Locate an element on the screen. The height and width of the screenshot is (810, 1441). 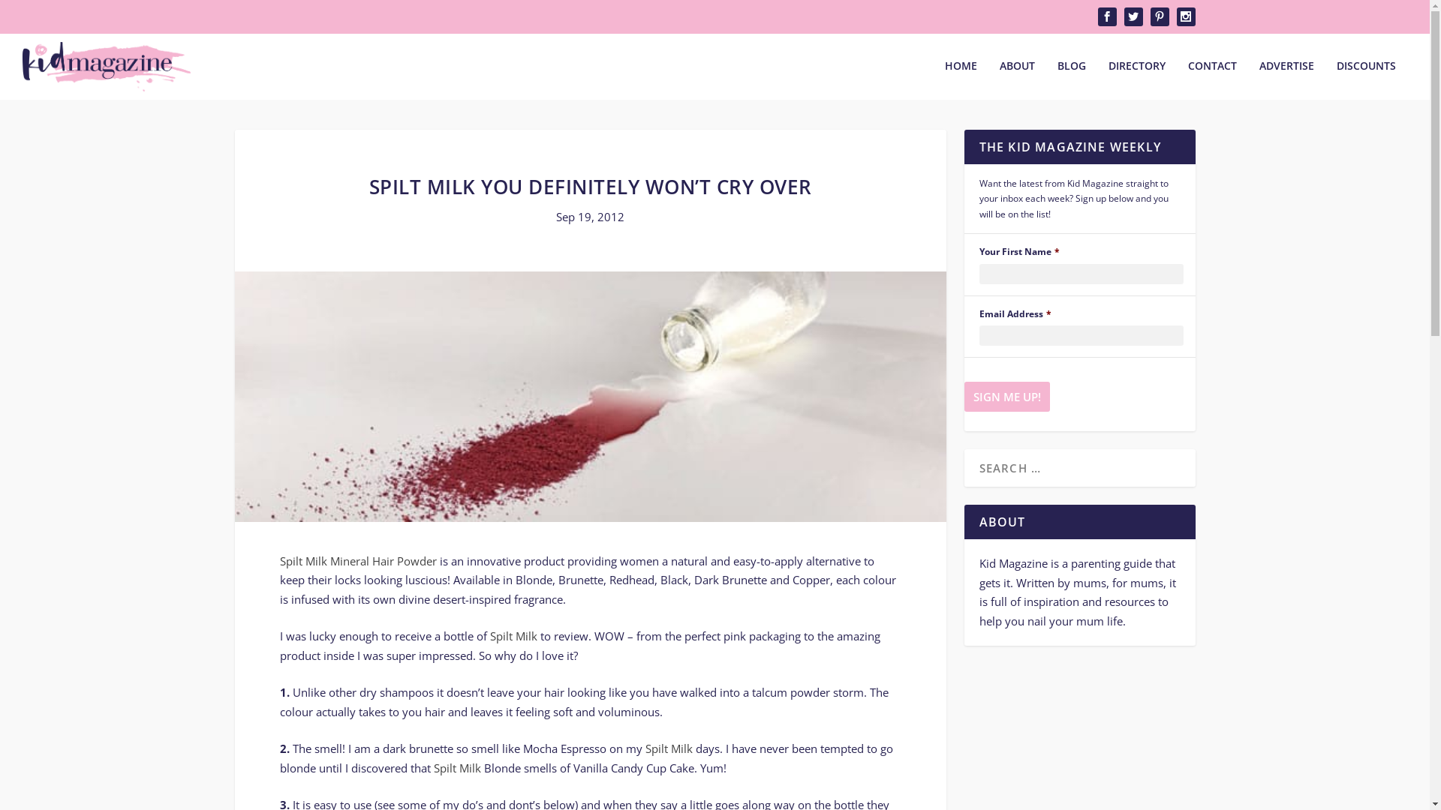
'HOME' is located at coordinates (943, 79).